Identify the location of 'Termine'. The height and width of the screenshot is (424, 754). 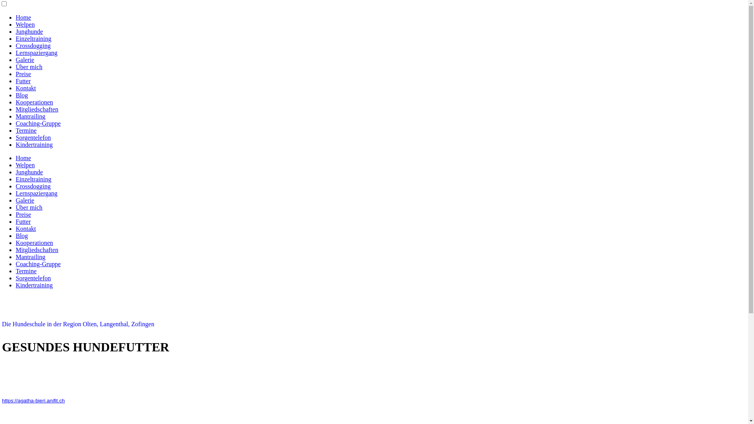
(26, 130).